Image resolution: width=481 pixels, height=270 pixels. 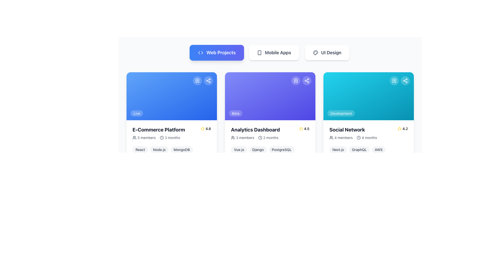 I want to click on text 'GraphQL' within the pill-shaped tag that has a light gray background and is located below the 'Social Network' card, positioned between 'Next.js' and 'AWS', so click(x=359, y=149).